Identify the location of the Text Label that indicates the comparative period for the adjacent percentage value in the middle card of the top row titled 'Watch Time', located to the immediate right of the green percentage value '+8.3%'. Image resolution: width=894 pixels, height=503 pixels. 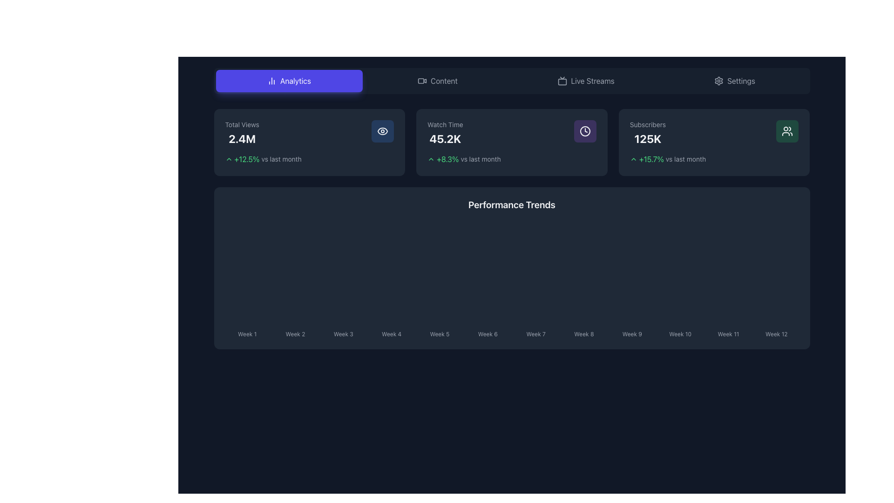
(481, 159).